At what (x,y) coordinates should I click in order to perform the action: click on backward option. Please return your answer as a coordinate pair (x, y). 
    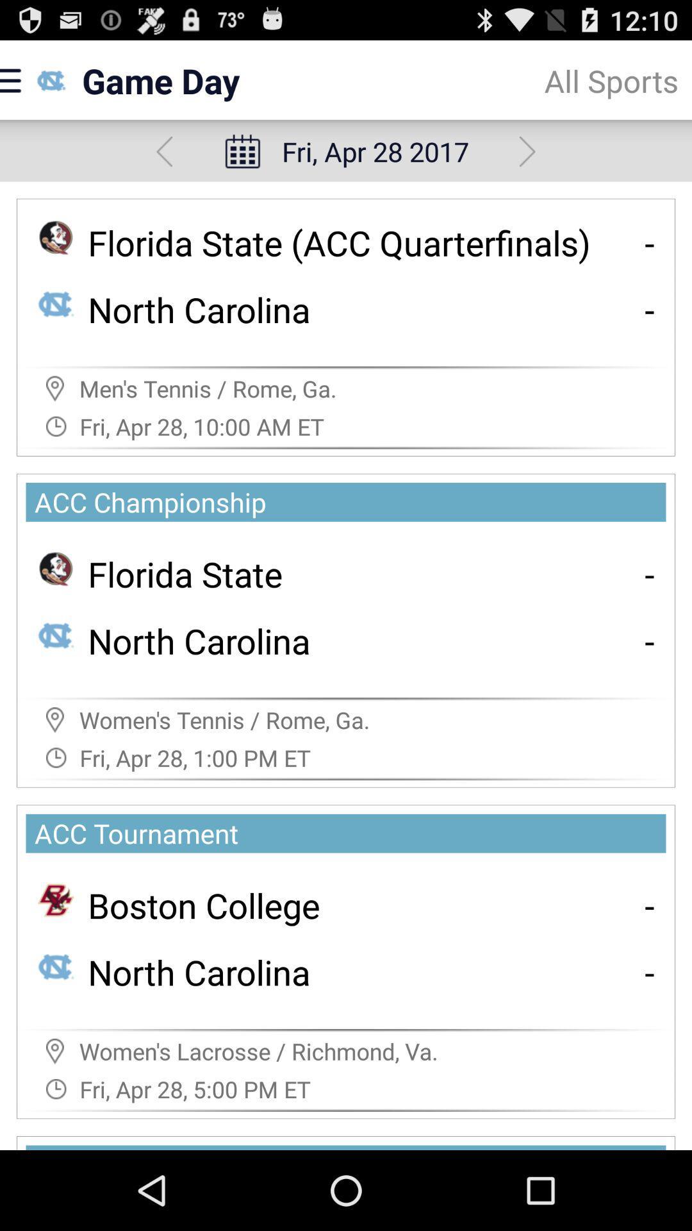
    Looking at the image, I should click on (163, 151).